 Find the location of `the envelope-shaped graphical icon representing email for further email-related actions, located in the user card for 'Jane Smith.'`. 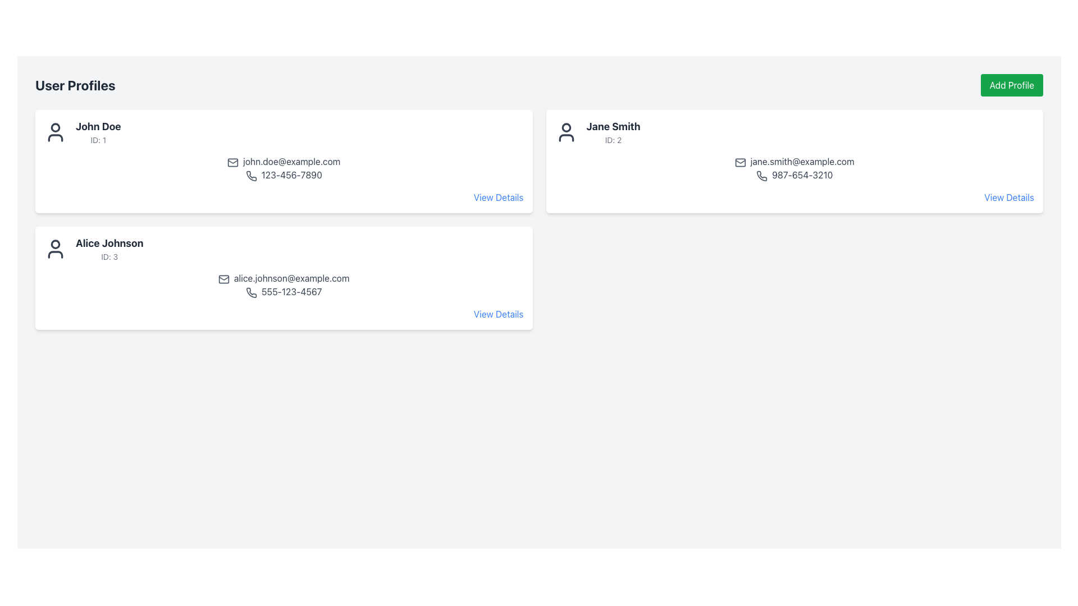

the envelope-shaped graphical icon representing email for further email-related actions, located in the user card for 'Jane Smith.' is located at coordinates (740, 162).